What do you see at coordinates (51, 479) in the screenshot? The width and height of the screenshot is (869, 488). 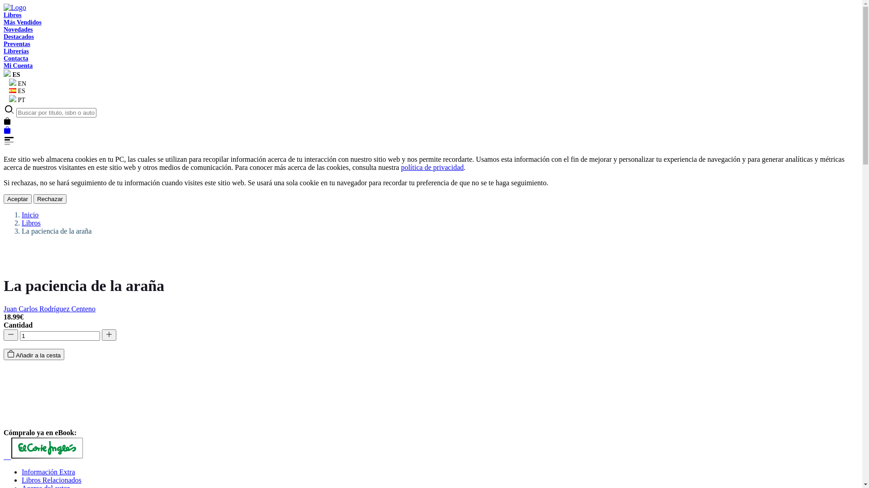 I see `'Libros Relacionados'` at bounding box center [51, 479].